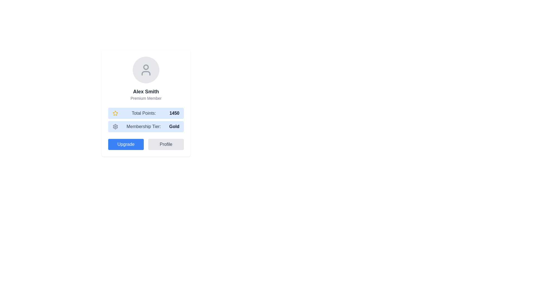 This screenshot has width=534, height=300. I want to click on the Display section that shows the total accumulated points of the user, located beneath the profile name and above the 'Membership Tier' section in the user profile card, so click(146, 113).